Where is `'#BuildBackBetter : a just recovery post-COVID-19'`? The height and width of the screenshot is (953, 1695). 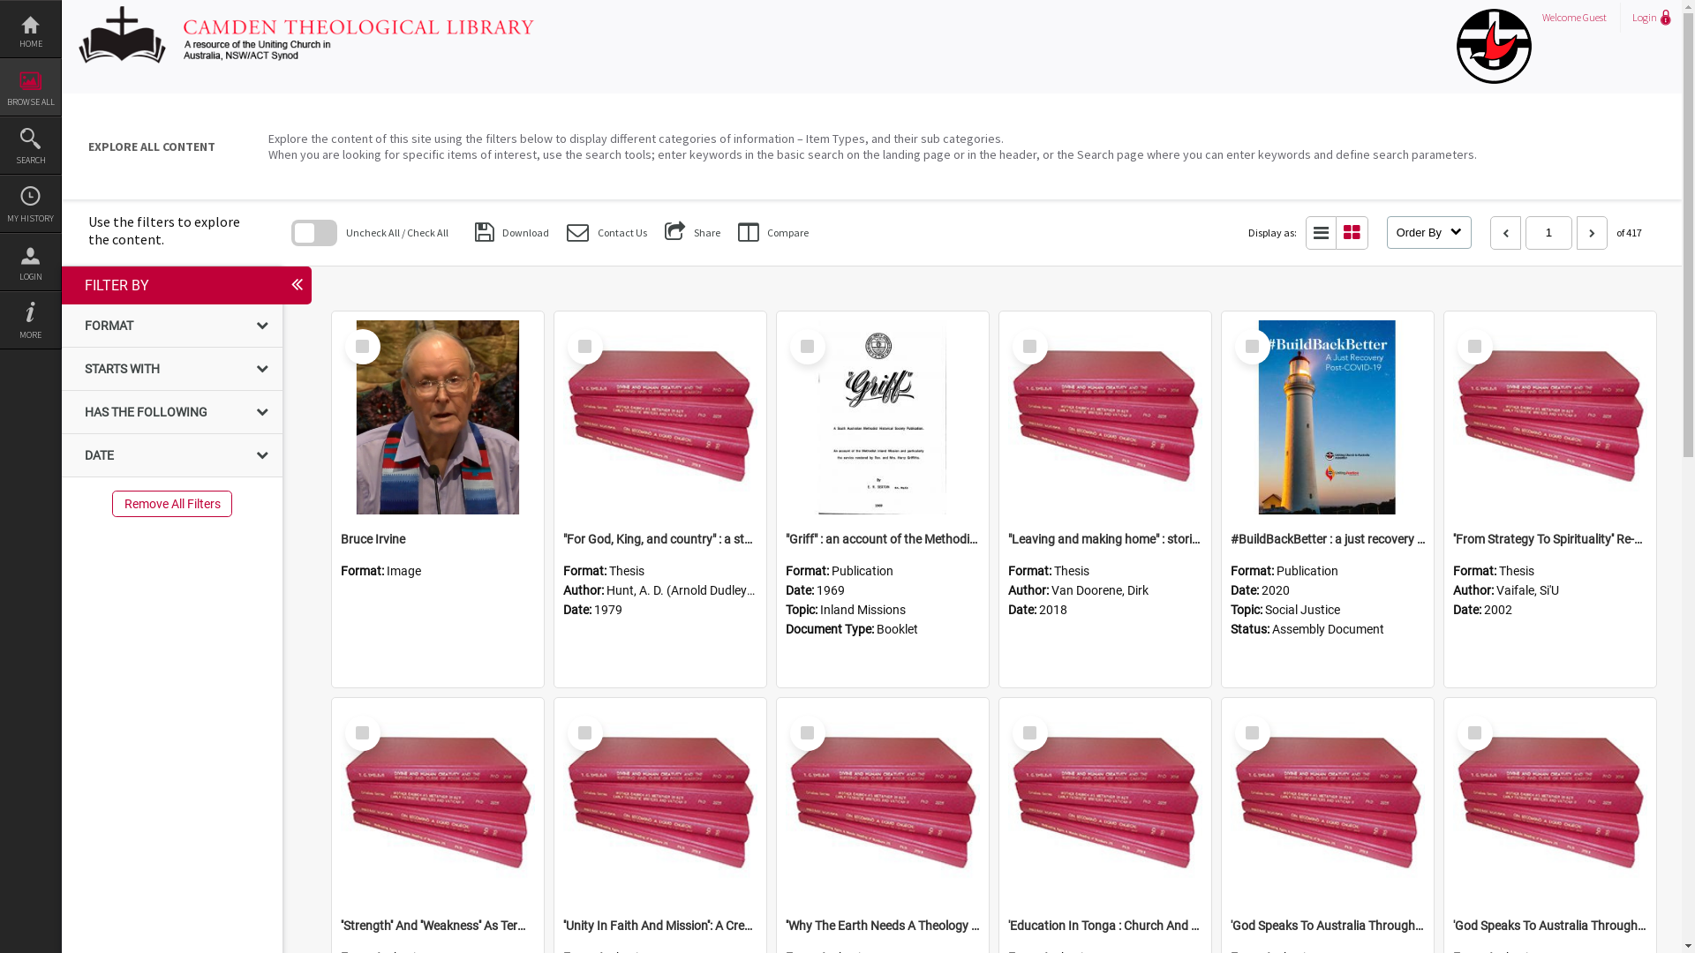
'#BuildBackBetter : a just recovery post-COVID-19' is located at coordinates (1327, 537).